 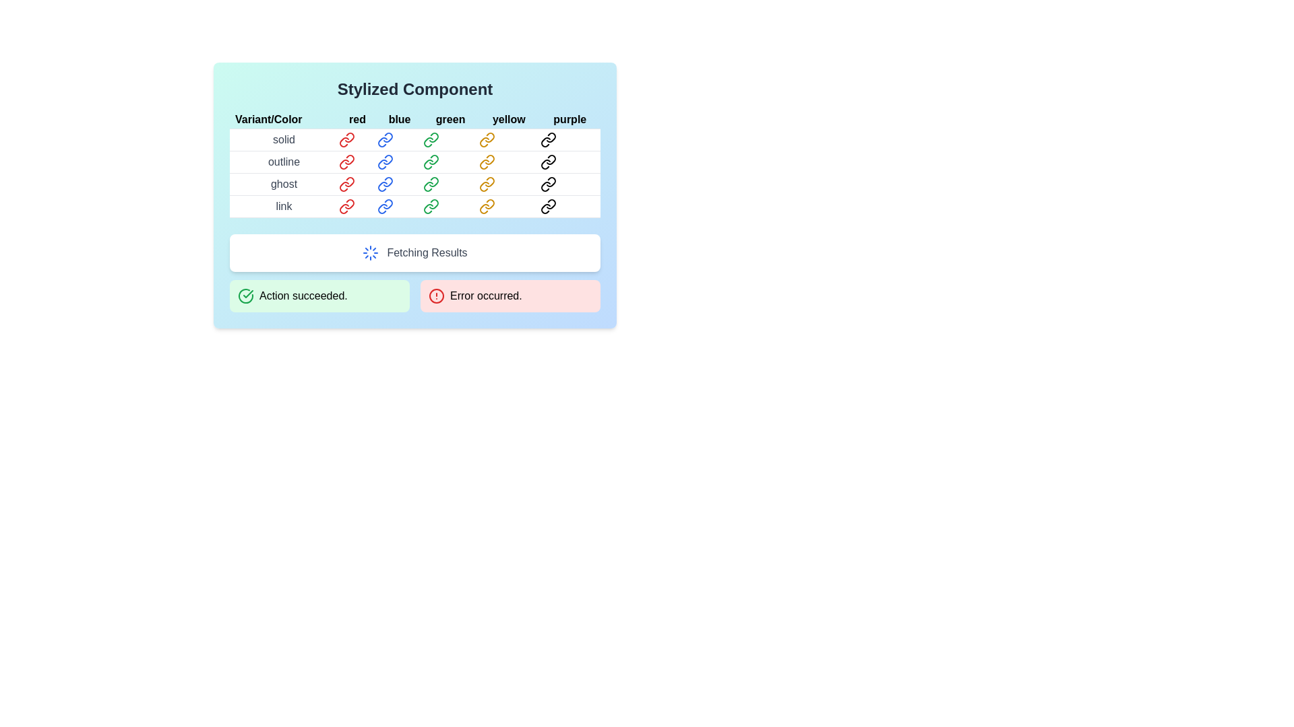 I want to click on the blue link icon located in the first row under the 'blue' column of the table titled 'Stylized Component', so click(x=384, y=140).